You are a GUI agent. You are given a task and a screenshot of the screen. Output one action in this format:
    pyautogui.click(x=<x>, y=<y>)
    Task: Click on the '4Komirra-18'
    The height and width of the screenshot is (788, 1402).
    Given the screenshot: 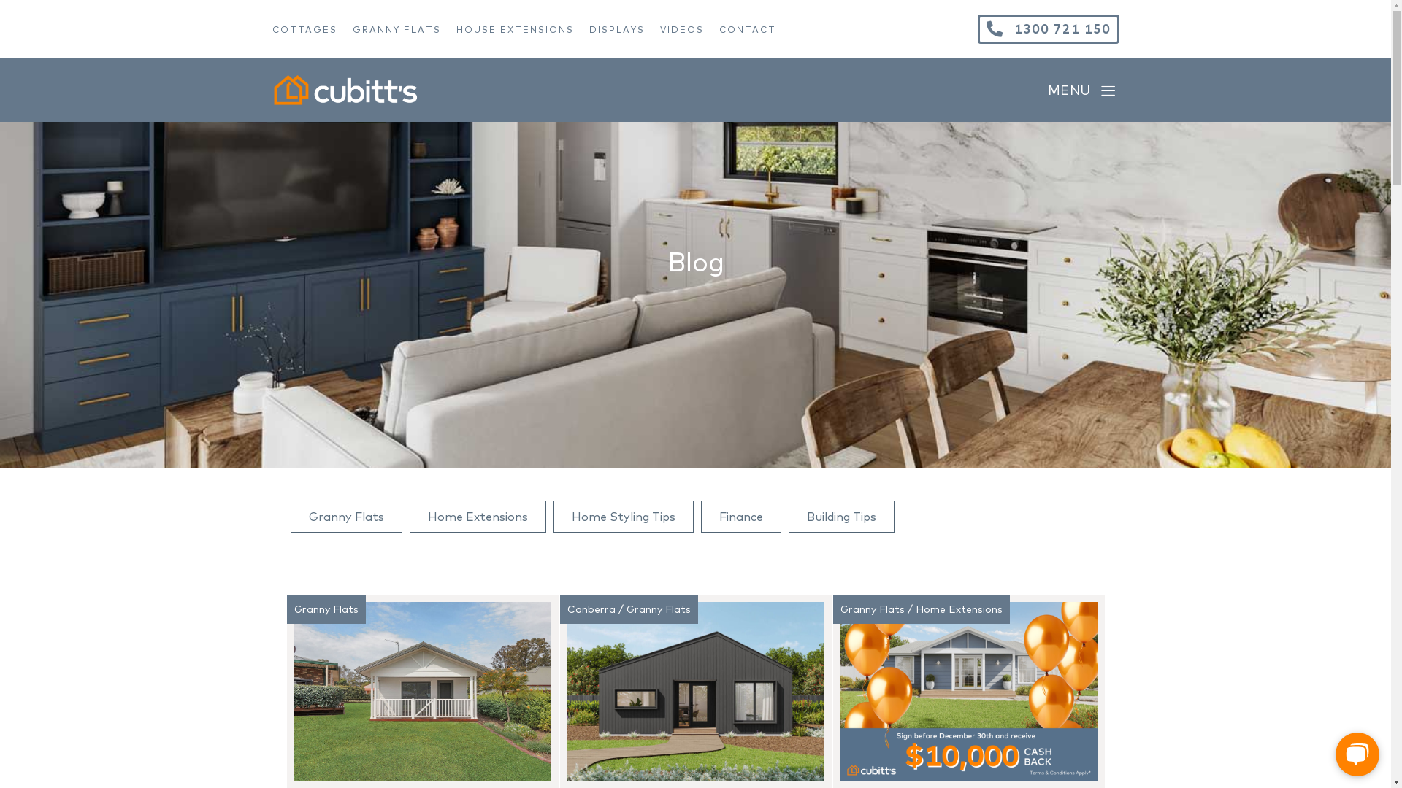 What is the action you would take?
    pyautogui.click(x=421, y=691)
    